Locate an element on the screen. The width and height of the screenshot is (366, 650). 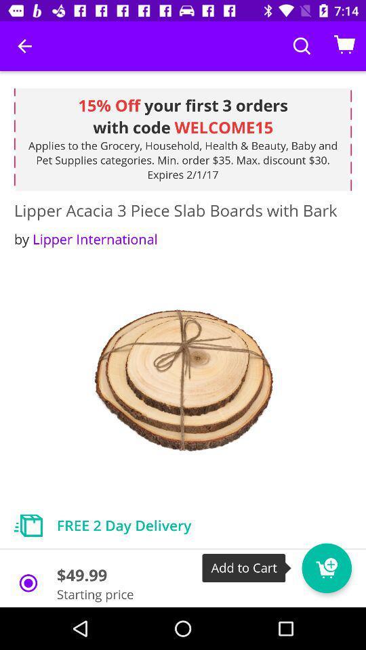
item on the left is located at coordinates (85, 239).